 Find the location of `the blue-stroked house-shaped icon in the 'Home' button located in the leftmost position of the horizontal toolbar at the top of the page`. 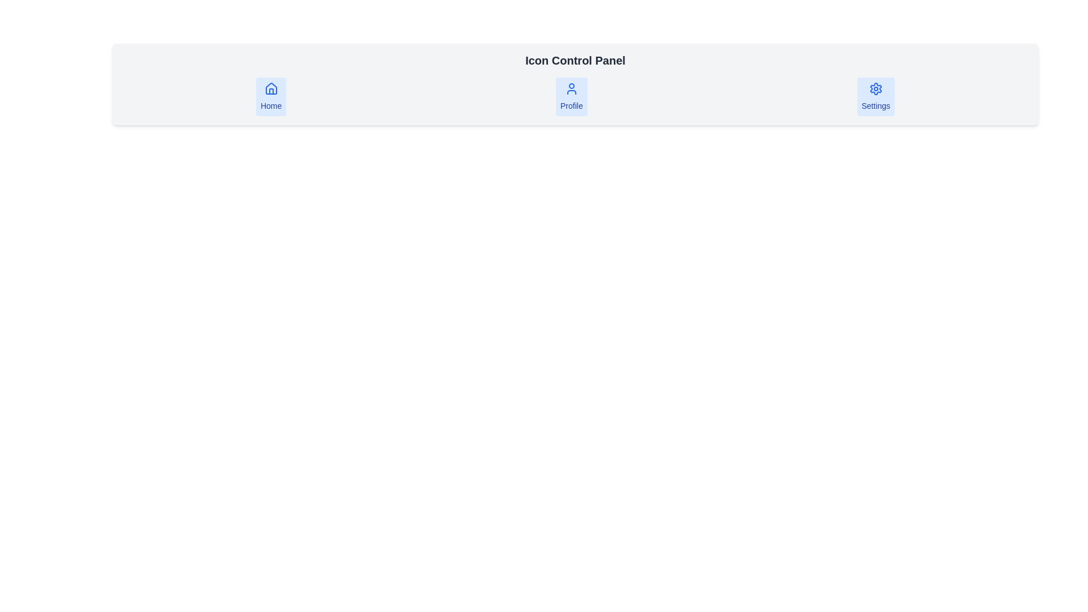

the blue-stroked house-shaped icon in the 'Home' button located in the leftmost position of the horizontal toolbar at the top of the page is located at coordinates (270, 88).